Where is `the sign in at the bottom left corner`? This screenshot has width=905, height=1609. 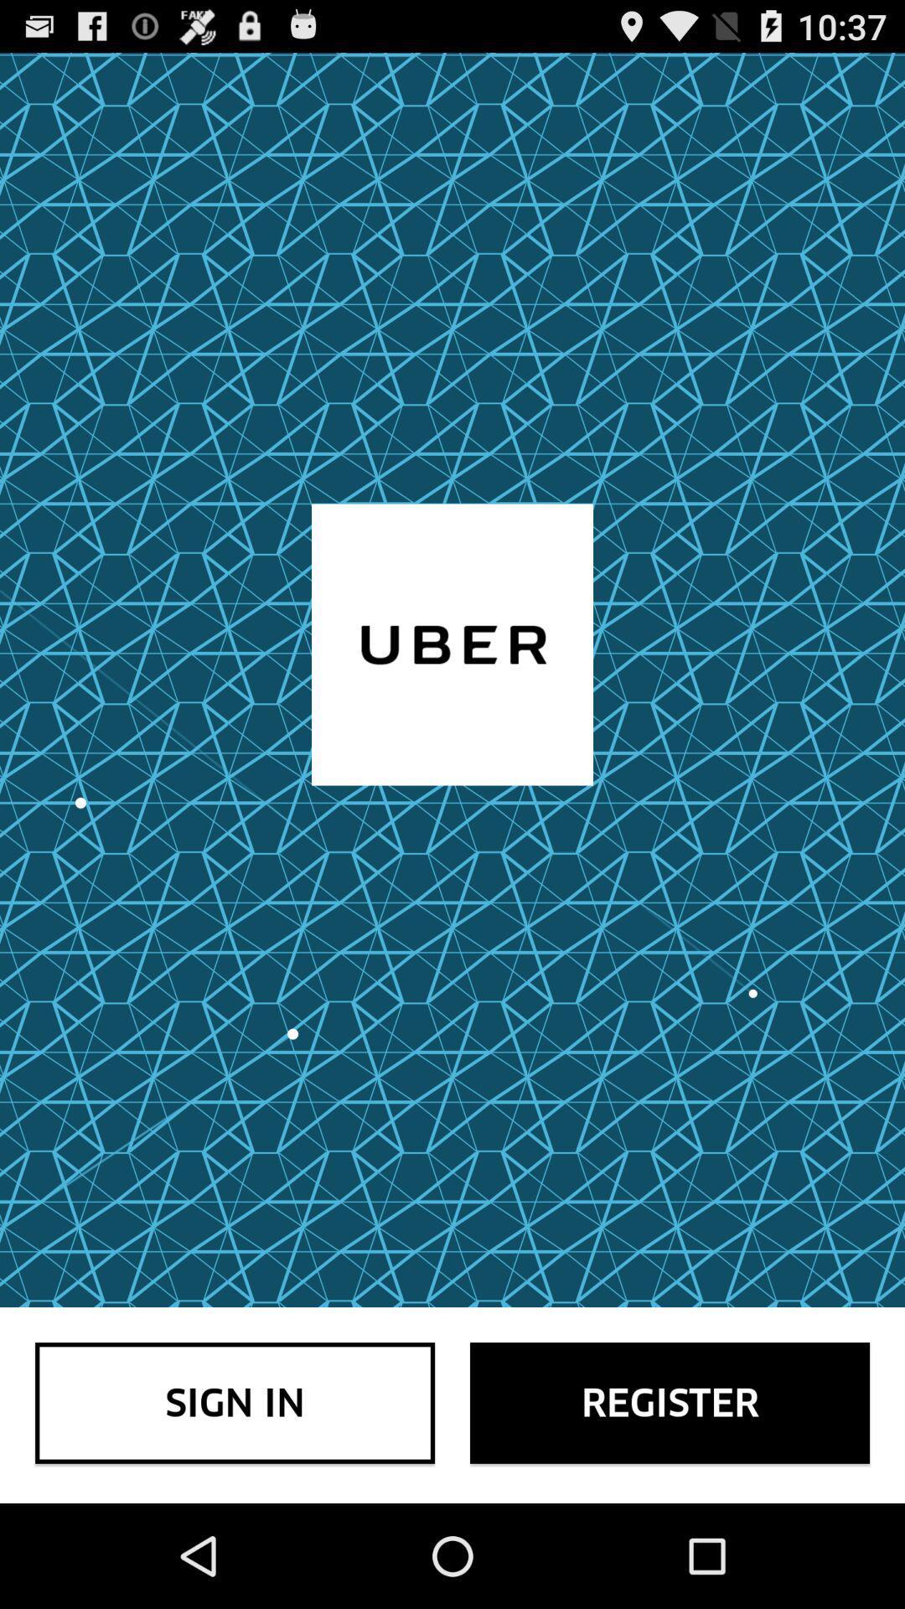
the sign in at the bottom left corner is located at coordinates (235, 1403).